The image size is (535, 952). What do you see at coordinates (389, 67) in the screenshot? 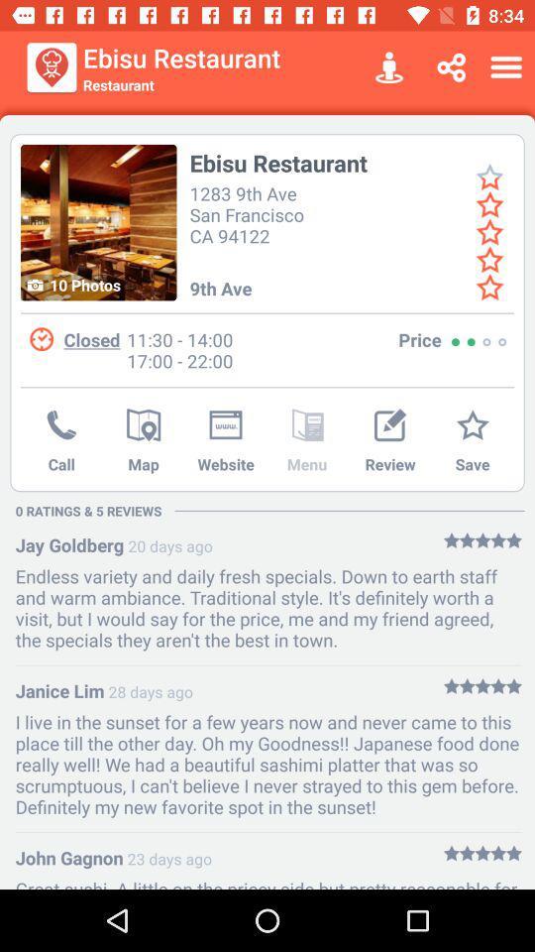
I see `item to the right of ebisu restaurant icon` at bounding box center [389, 67].